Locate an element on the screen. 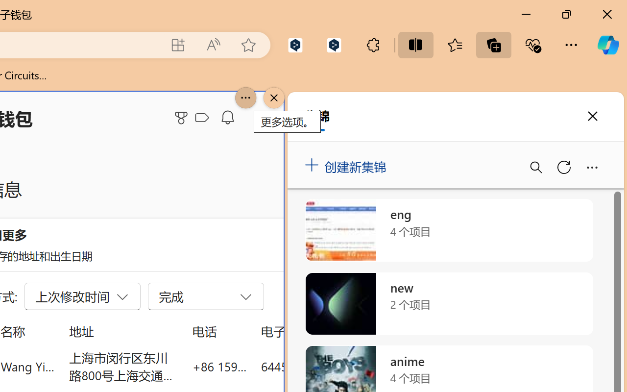  '644553698@qq.com' is located at coordinates (315, 366).